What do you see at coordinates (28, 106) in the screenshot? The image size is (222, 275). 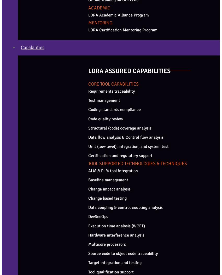 I see `'Resource Centre'` at bounding box center [28, 106].